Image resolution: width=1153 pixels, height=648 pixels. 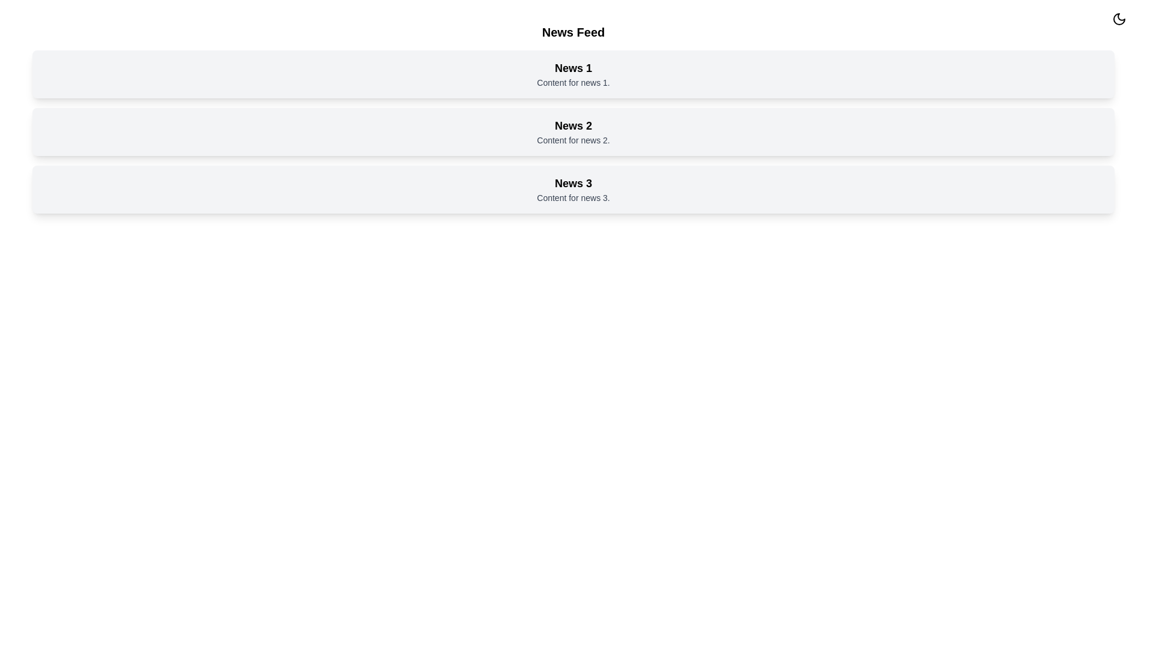 I want to click on content displayed in the Content Card titled 'News 1', which is the first item in the list below the 'News Feed' header, so click(x=573, y=74).